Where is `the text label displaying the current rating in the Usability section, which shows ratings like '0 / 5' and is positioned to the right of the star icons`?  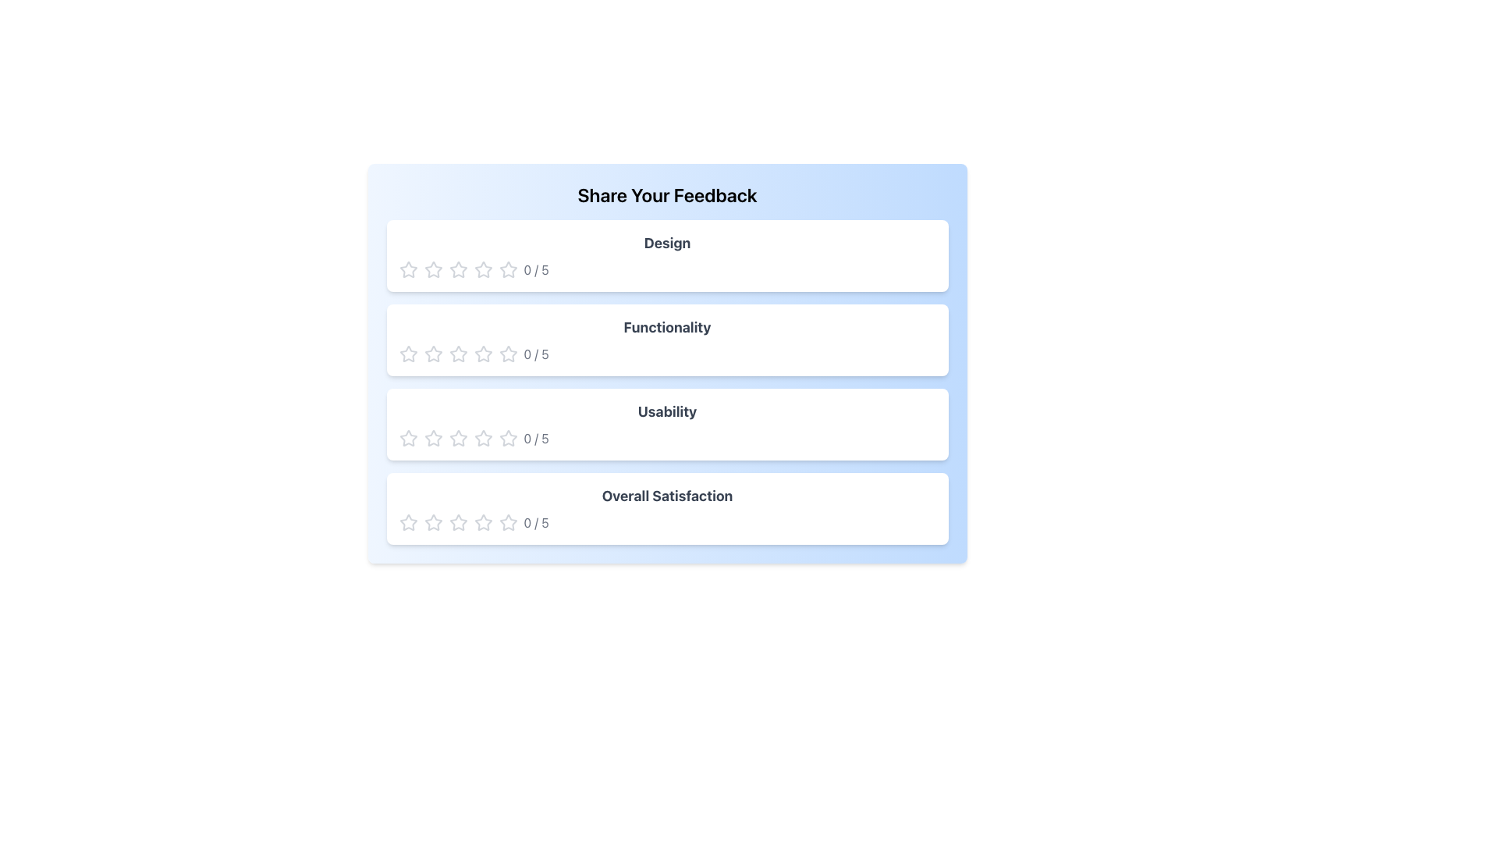 the text label displaying the current rating in the Usability section, which shows ratings like '0 / 5' and is positioned to the right of the star icons is located at coordinates (536, 439).